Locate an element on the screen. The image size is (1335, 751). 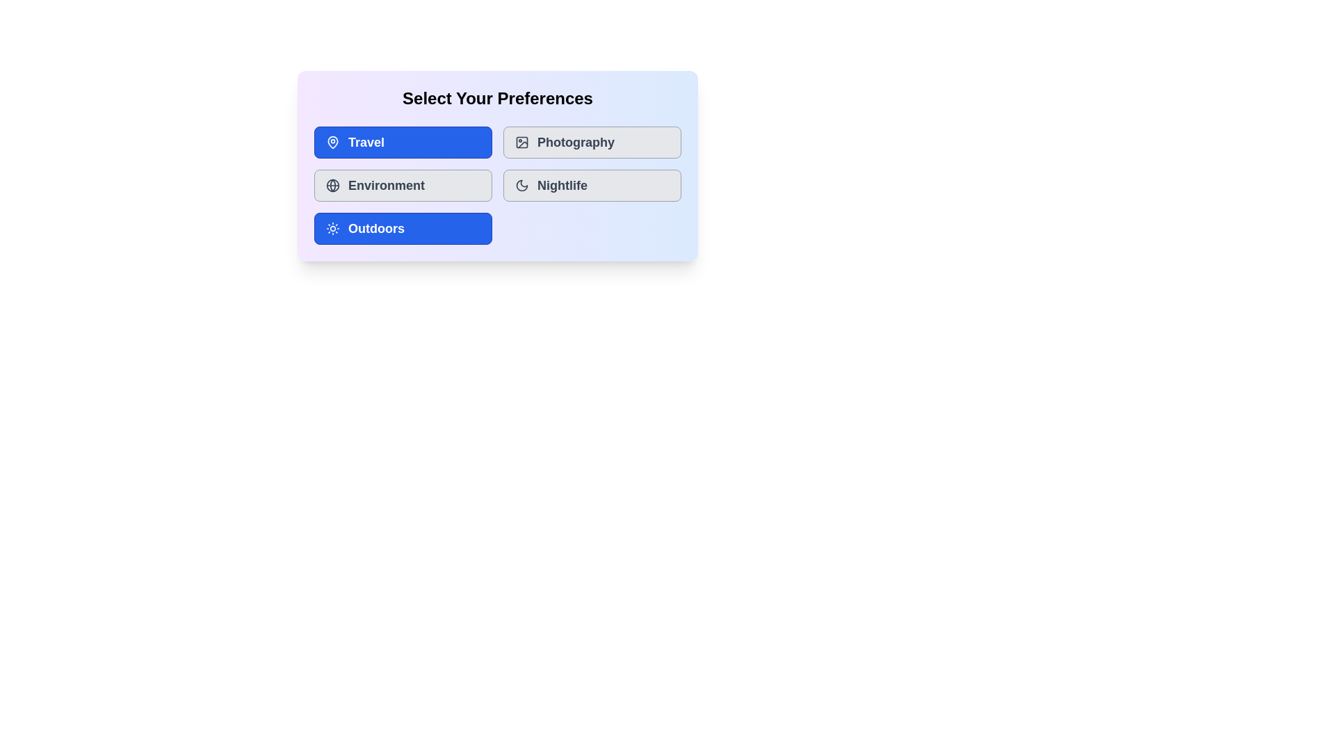
the category Outdoors is located at coordinates (403, 227).